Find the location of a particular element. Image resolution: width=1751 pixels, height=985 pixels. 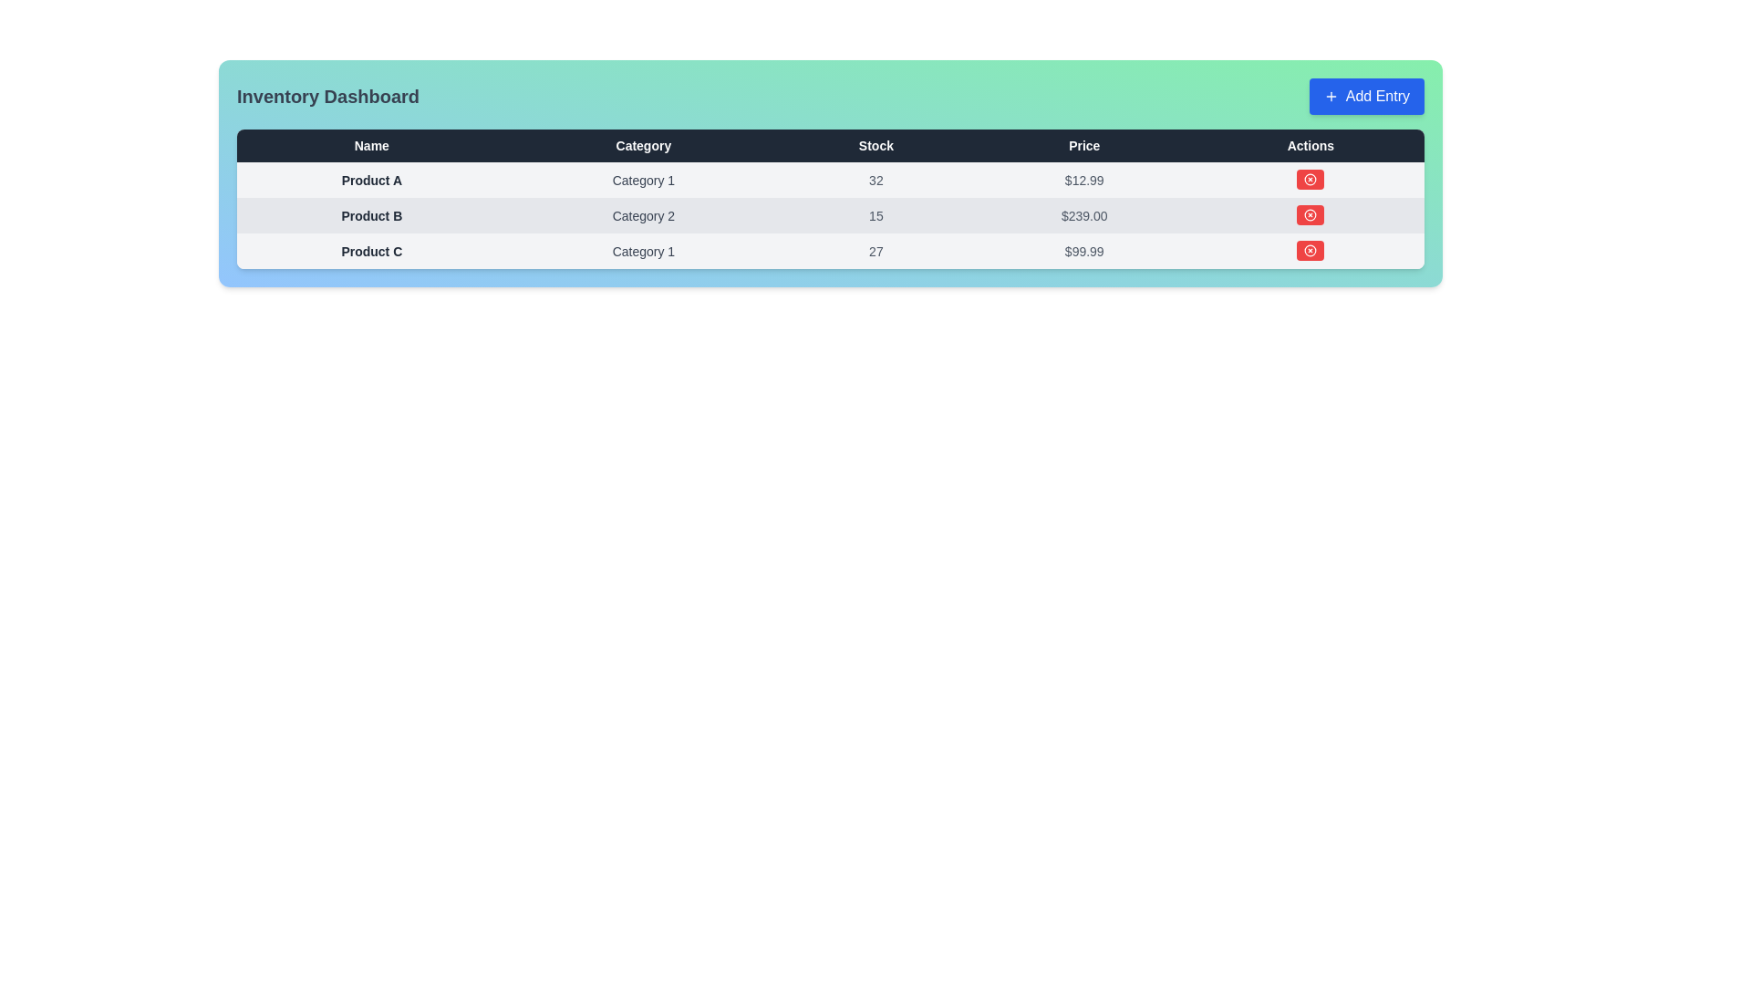

details shown for 'Product B' in the second row of the tabular layout, which includes information under the headers 'Name', 'Category', 'Stock', 'Price', and 'Actions' is located at coordinates (830, 214).